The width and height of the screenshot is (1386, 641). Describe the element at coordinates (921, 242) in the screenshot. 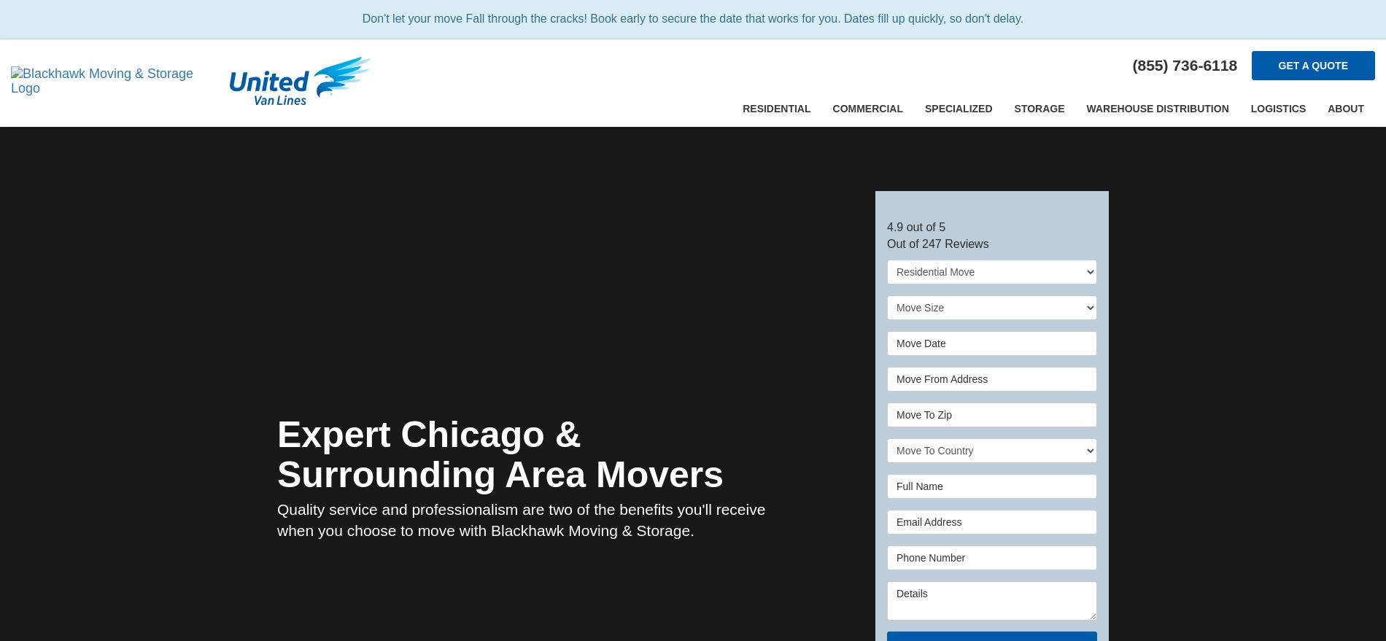

I see `'247'` at that location.